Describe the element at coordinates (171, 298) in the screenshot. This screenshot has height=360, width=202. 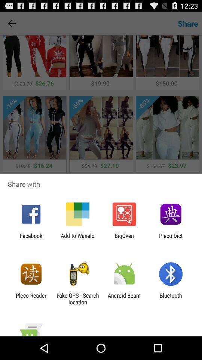
I see `bluetooth icon` at that location.